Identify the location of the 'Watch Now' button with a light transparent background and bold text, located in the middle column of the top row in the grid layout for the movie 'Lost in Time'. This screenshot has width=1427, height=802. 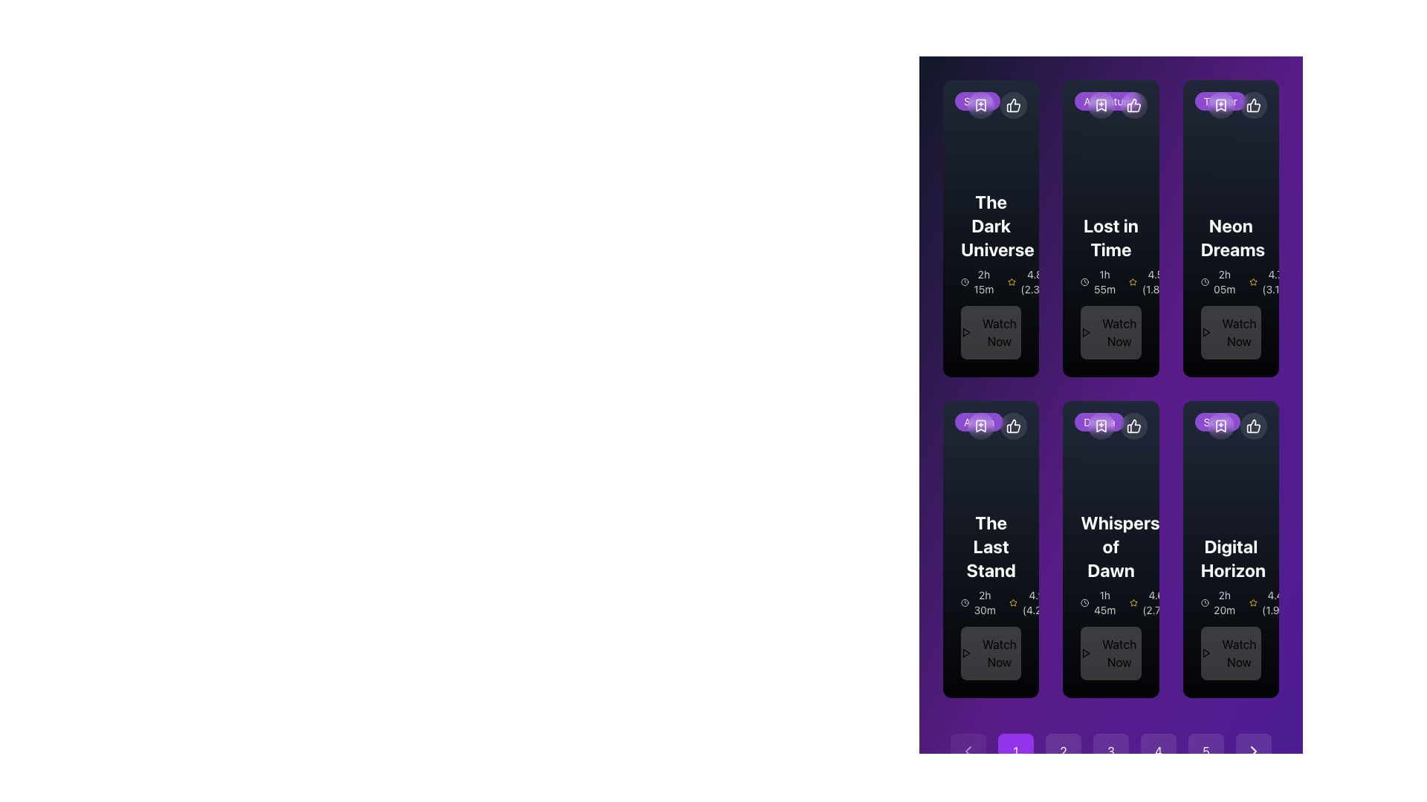
(1110, 331).